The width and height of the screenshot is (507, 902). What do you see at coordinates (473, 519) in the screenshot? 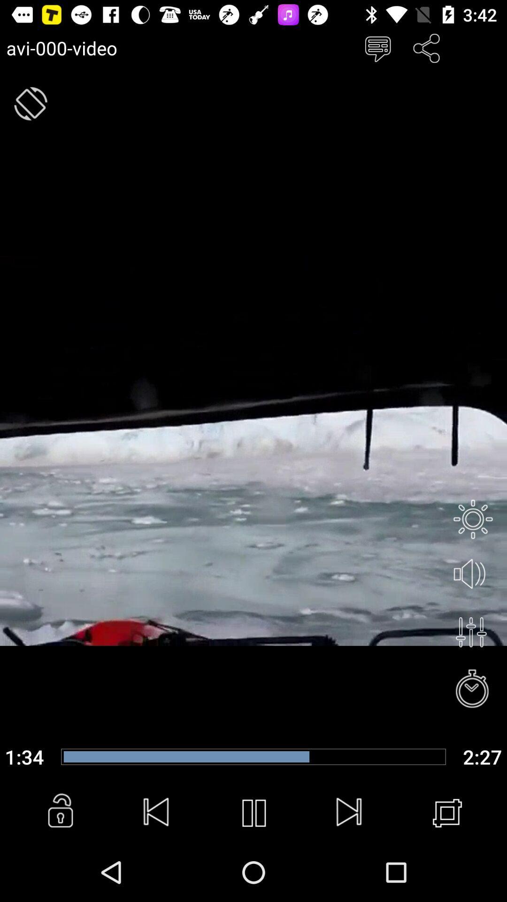
I see `setting page` at bounding box center [473, 519].